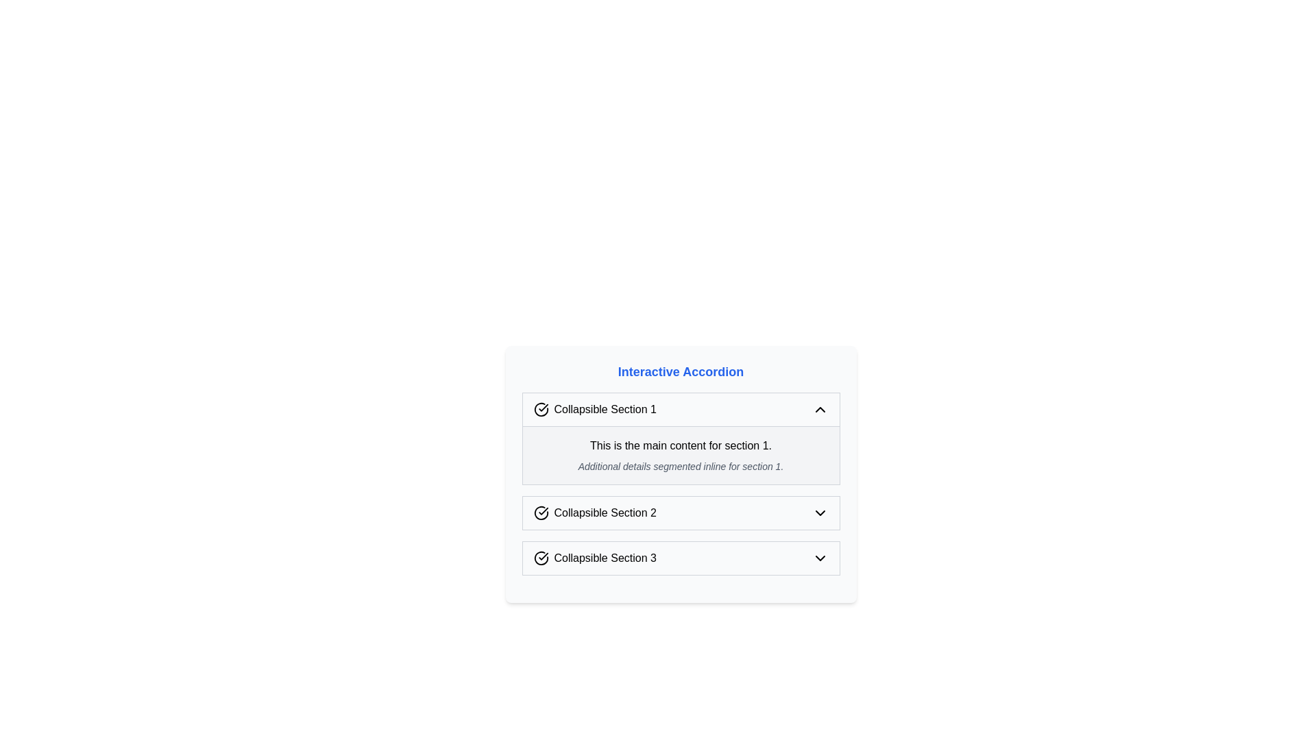  I want to click on the circular icon with a checkmark inside, which is part of the header of 'Collapsible Section 1' in the accordion, so click(540, 408).